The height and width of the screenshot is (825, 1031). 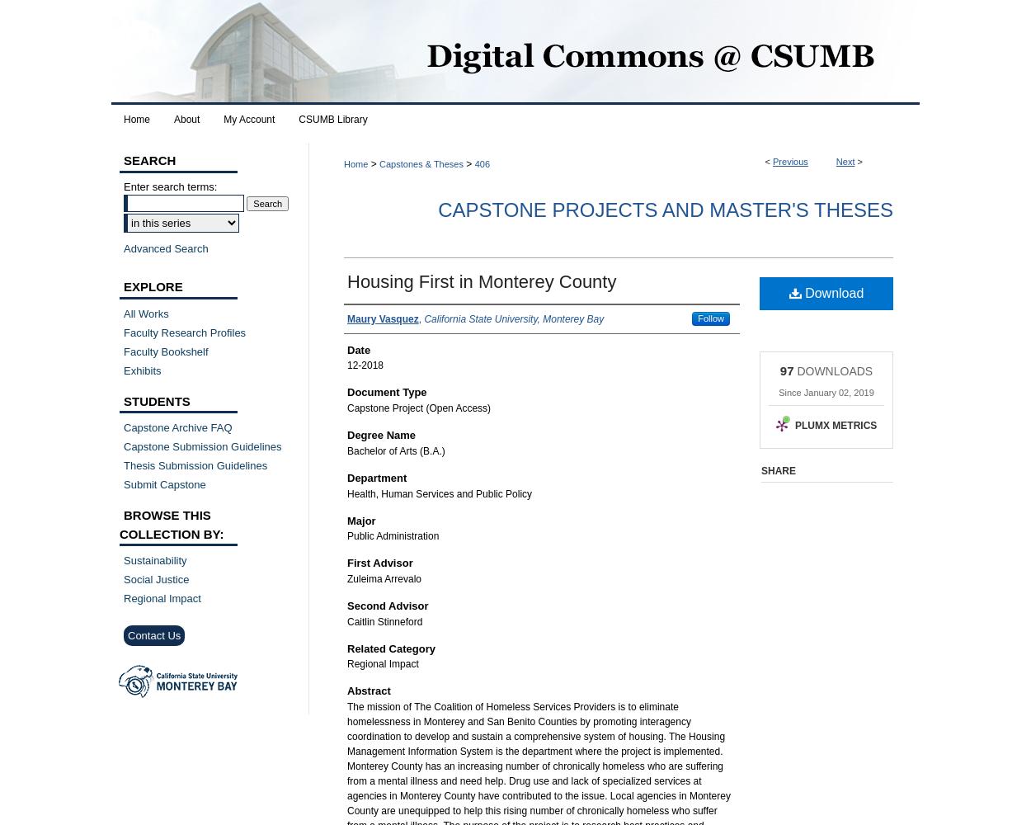 I want to click on 'DOWNLOADS', so click(x=833, y=370).